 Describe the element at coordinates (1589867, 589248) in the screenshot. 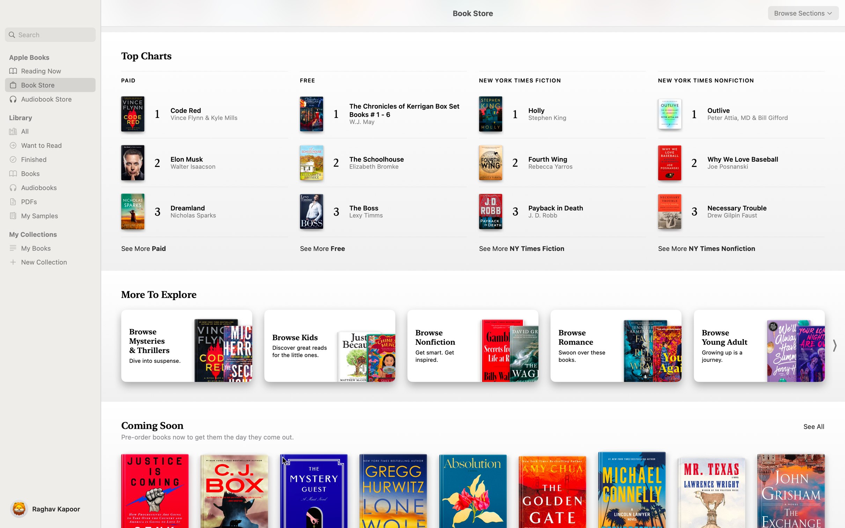

I see `Advance to check out future releases` at that location.